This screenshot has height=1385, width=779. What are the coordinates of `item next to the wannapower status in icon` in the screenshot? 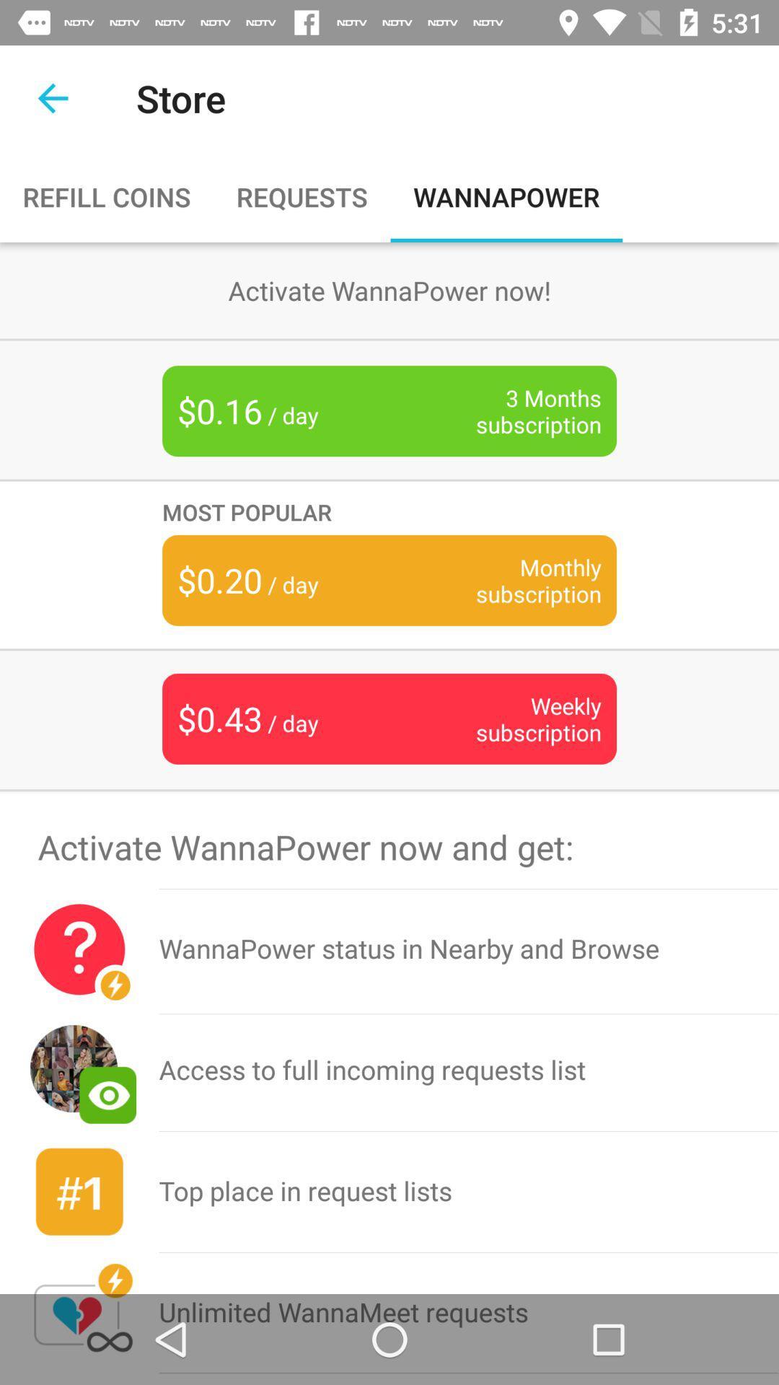 It's located at (79, 1070).